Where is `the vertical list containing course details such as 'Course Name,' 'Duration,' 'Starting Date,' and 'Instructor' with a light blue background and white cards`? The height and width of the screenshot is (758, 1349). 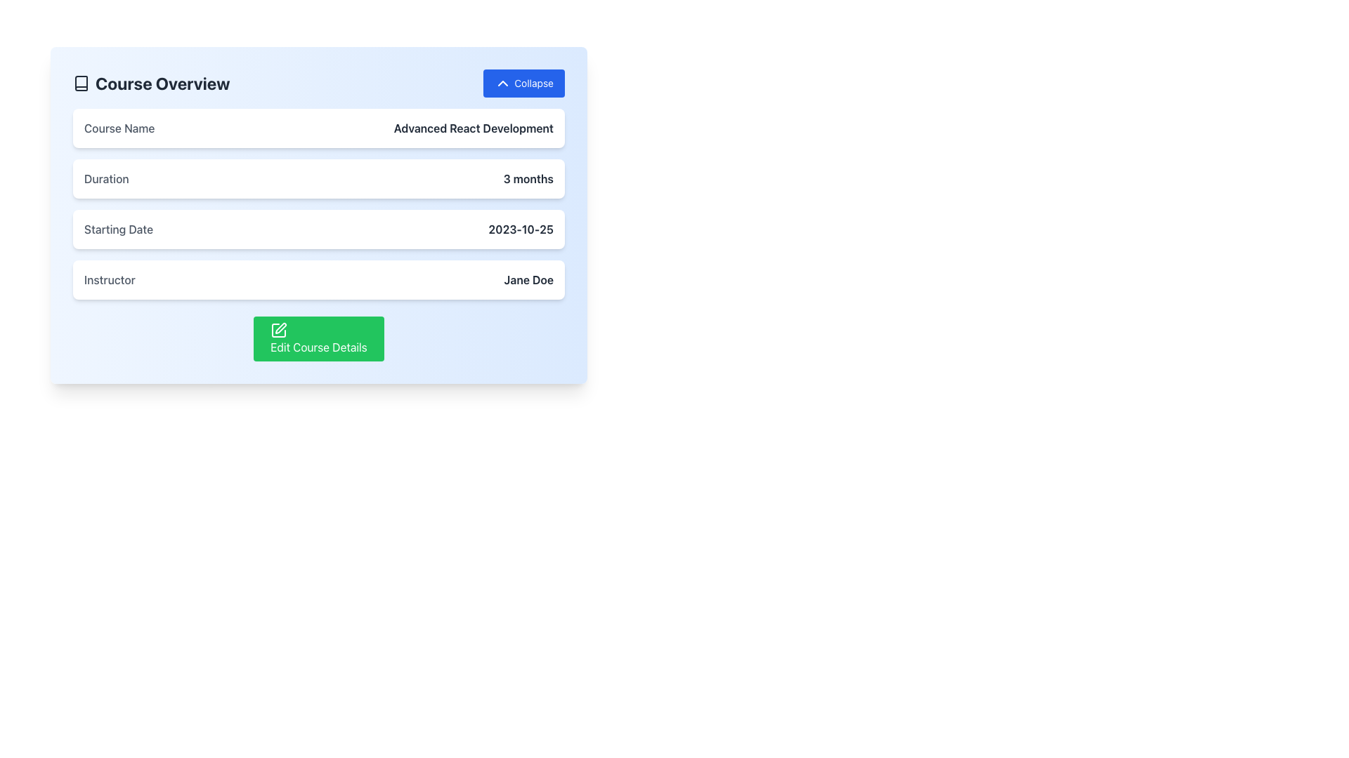 the vertical list containing course details such as 'Course Name,' 'Duration,' 'Starting Date,' and 'Instructor' with a light blue background and white cards is located at coordinates (318, 204).